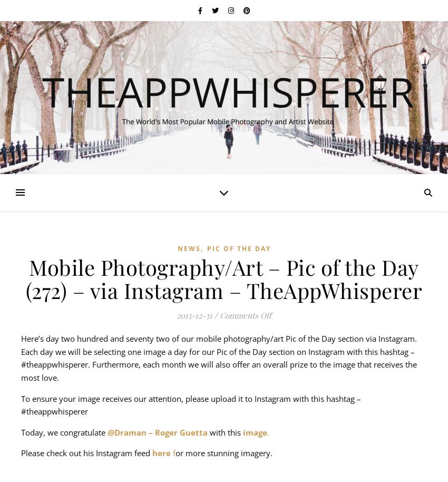  Describe the element at coordinates (268, 431) in the screenshot. I see `'.'` at that location.